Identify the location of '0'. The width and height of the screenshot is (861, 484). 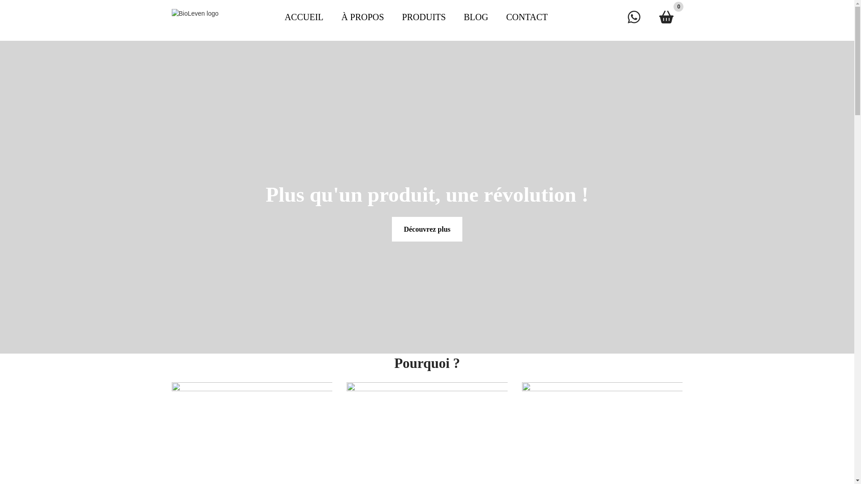
(666, 17).